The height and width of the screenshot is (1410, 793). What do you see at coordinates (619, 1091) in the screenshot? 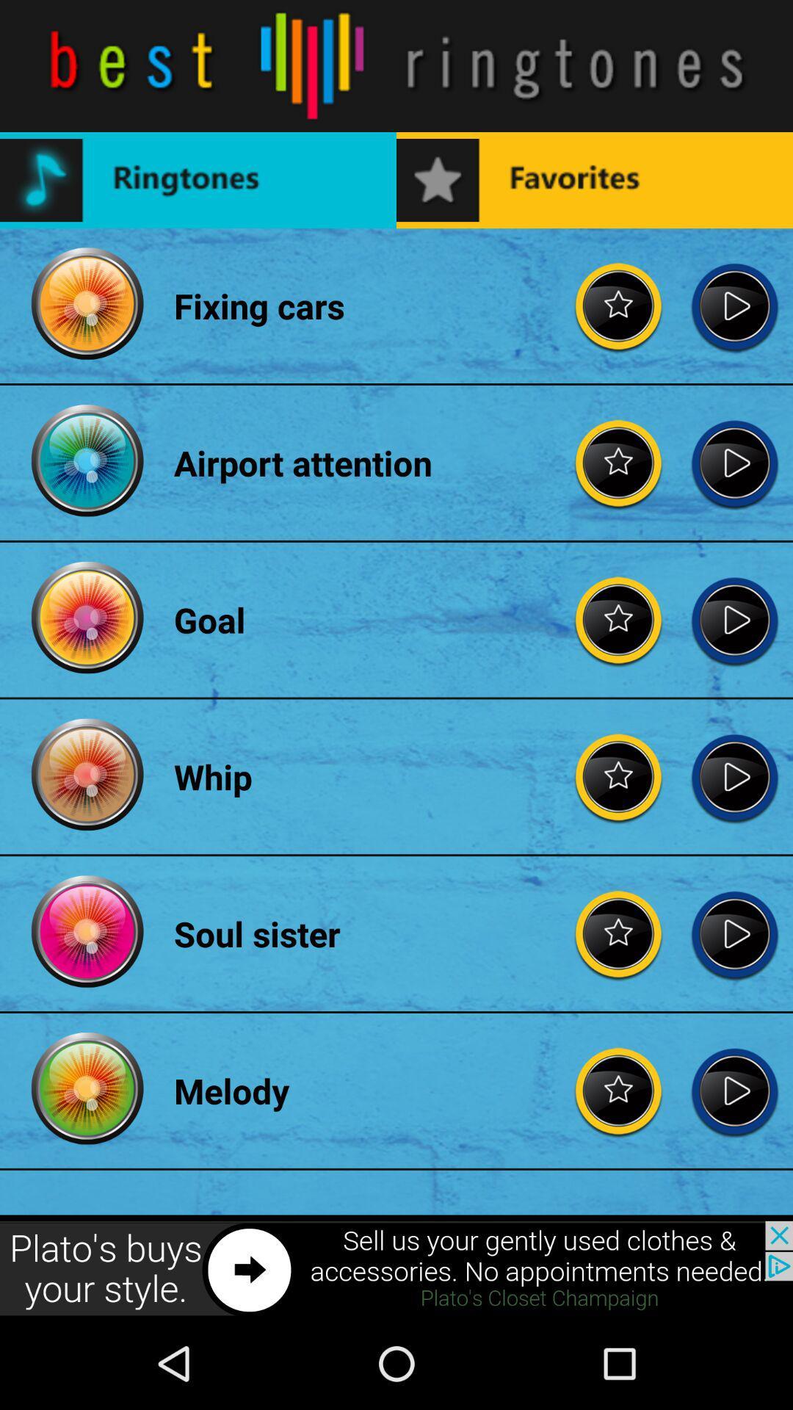
I see `melodies` at bounding box center [619, 1091].